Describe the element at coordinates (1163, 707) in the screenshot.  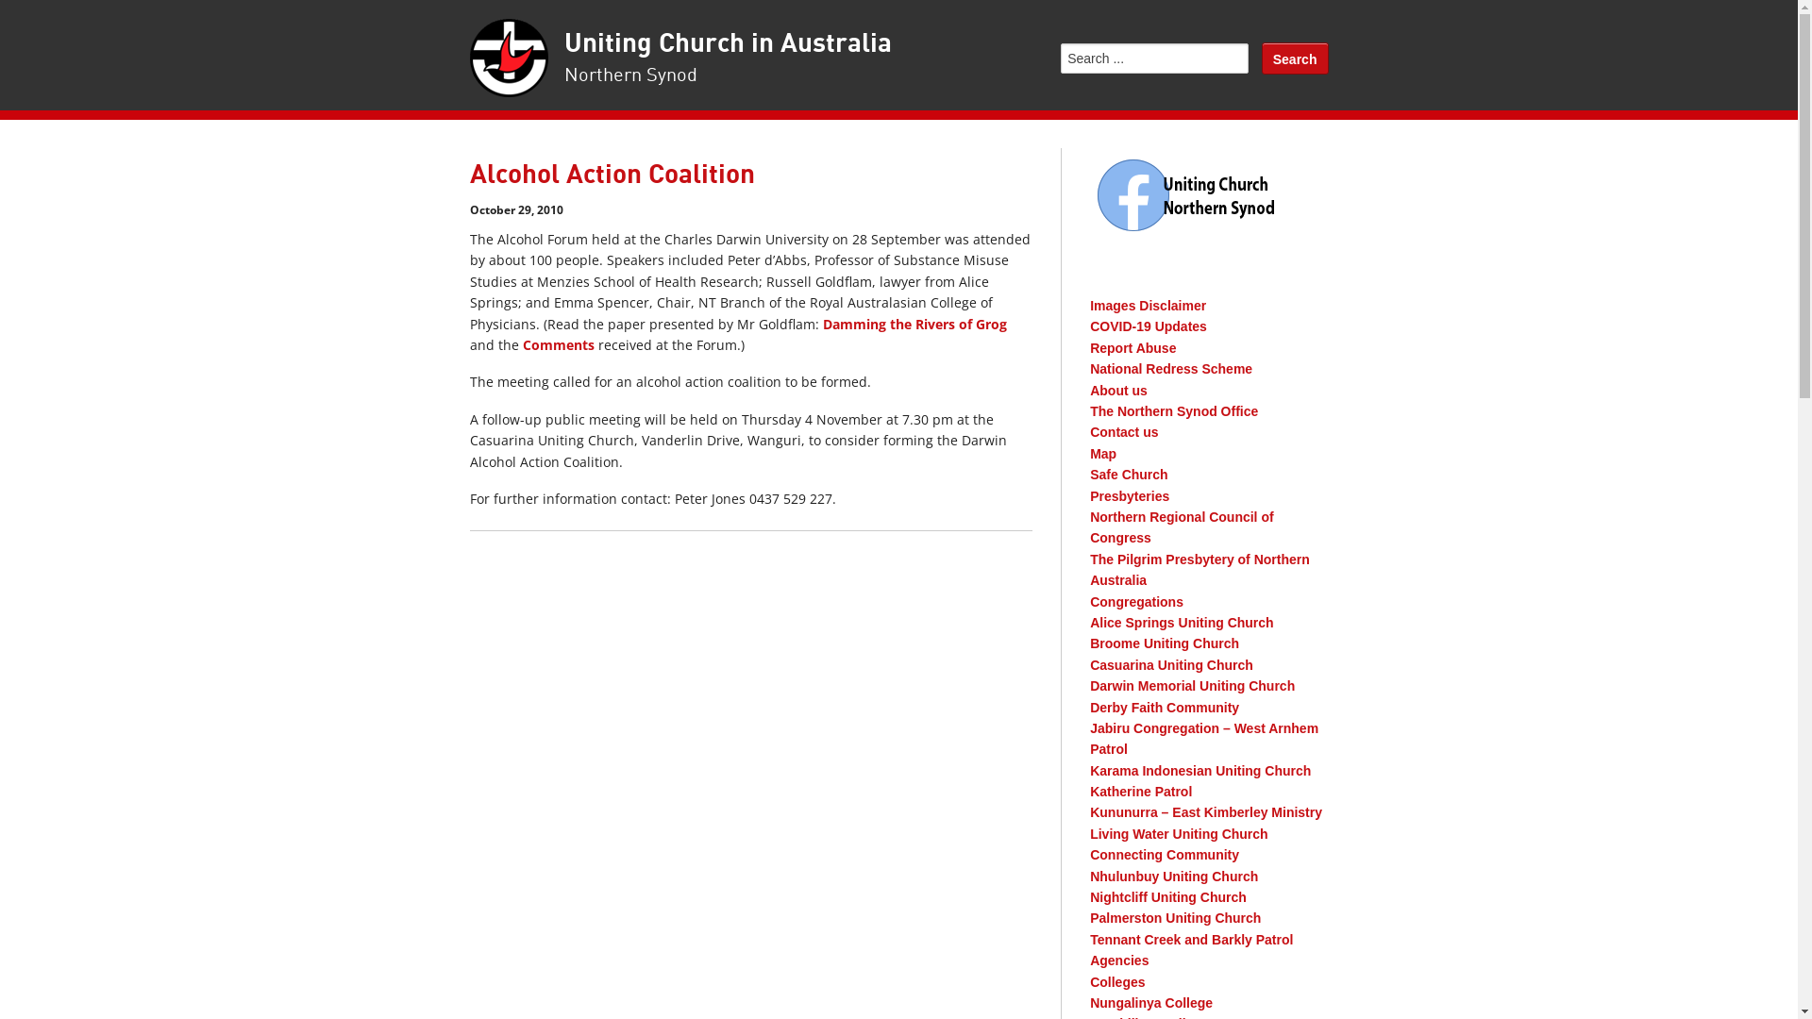
I see `'Derby Faith Community'` at that location.